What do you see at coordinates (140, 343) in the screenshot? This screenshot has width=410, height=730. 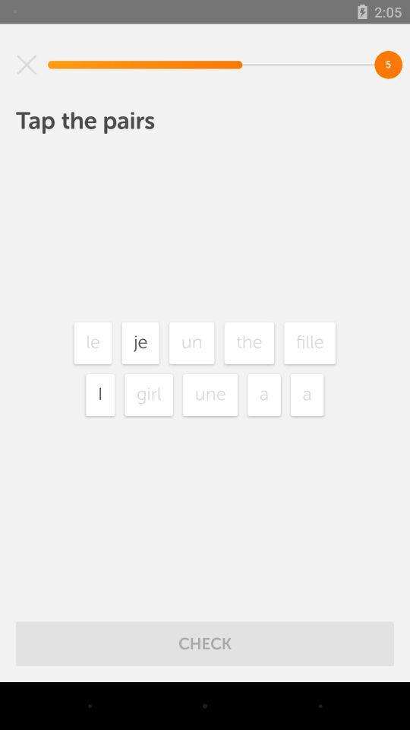 I see `item next to un icon` at bounding box center [140, 343].